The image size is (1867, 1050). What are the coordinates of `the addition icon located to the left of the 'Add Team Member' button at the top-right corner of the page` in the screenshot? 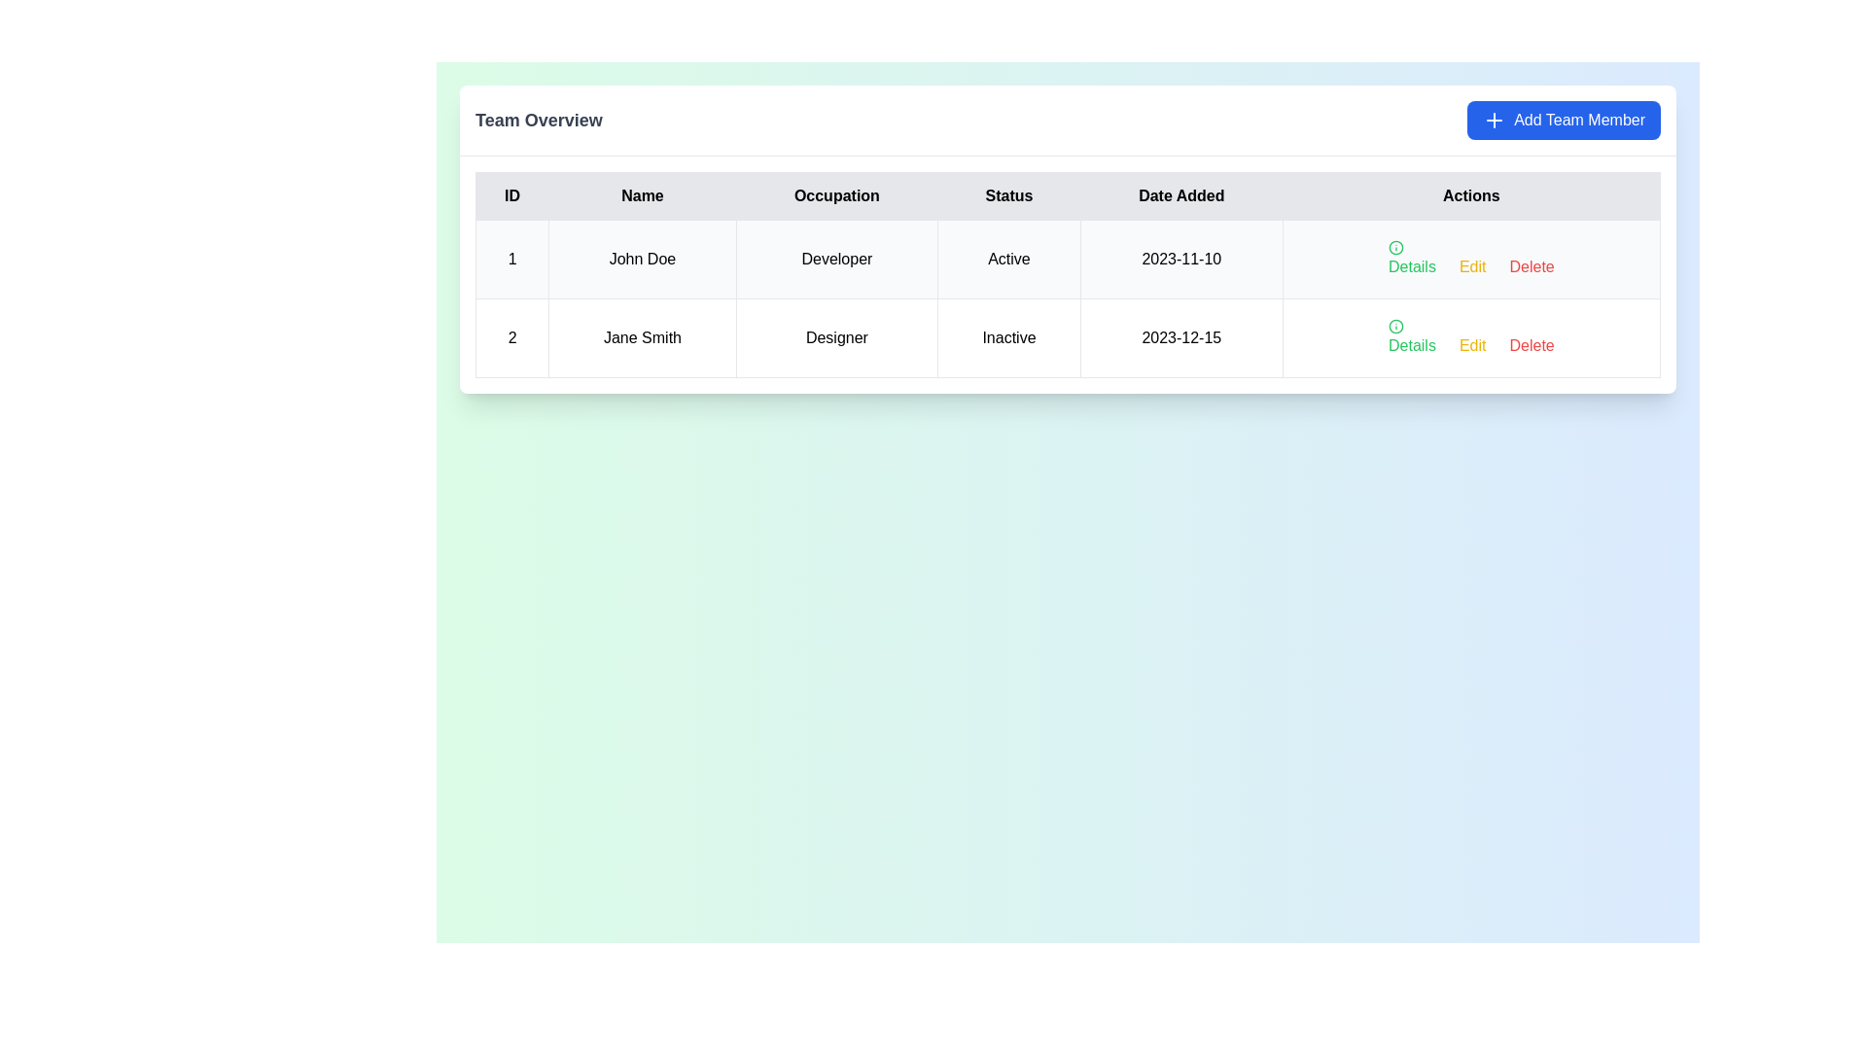 It's located at (1494, 120).